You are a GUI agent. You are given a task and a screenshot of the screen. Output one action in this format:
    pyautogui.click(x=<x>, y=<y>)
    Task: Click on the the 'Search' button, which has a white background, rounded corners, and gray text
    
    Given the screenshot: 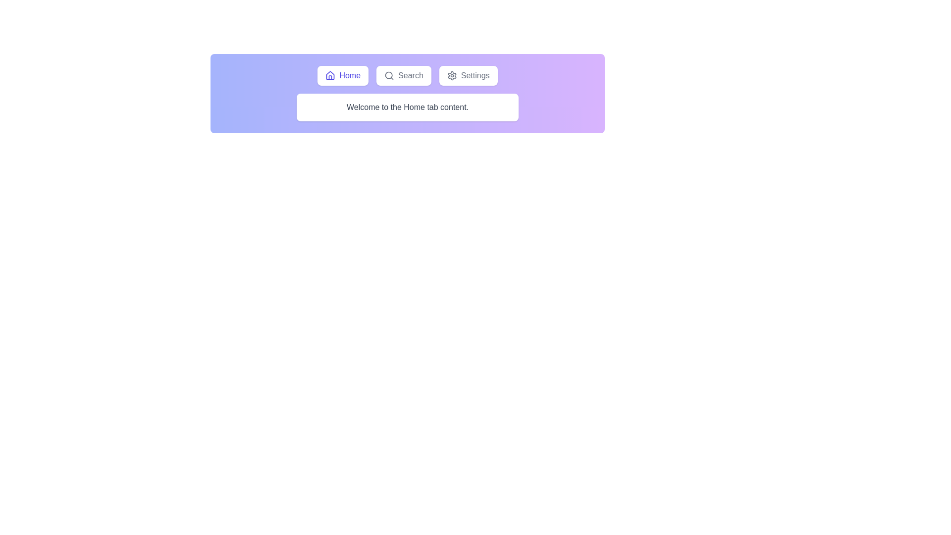 What is the action you would take?
    pyautogui.click(x=404, y=75)
    